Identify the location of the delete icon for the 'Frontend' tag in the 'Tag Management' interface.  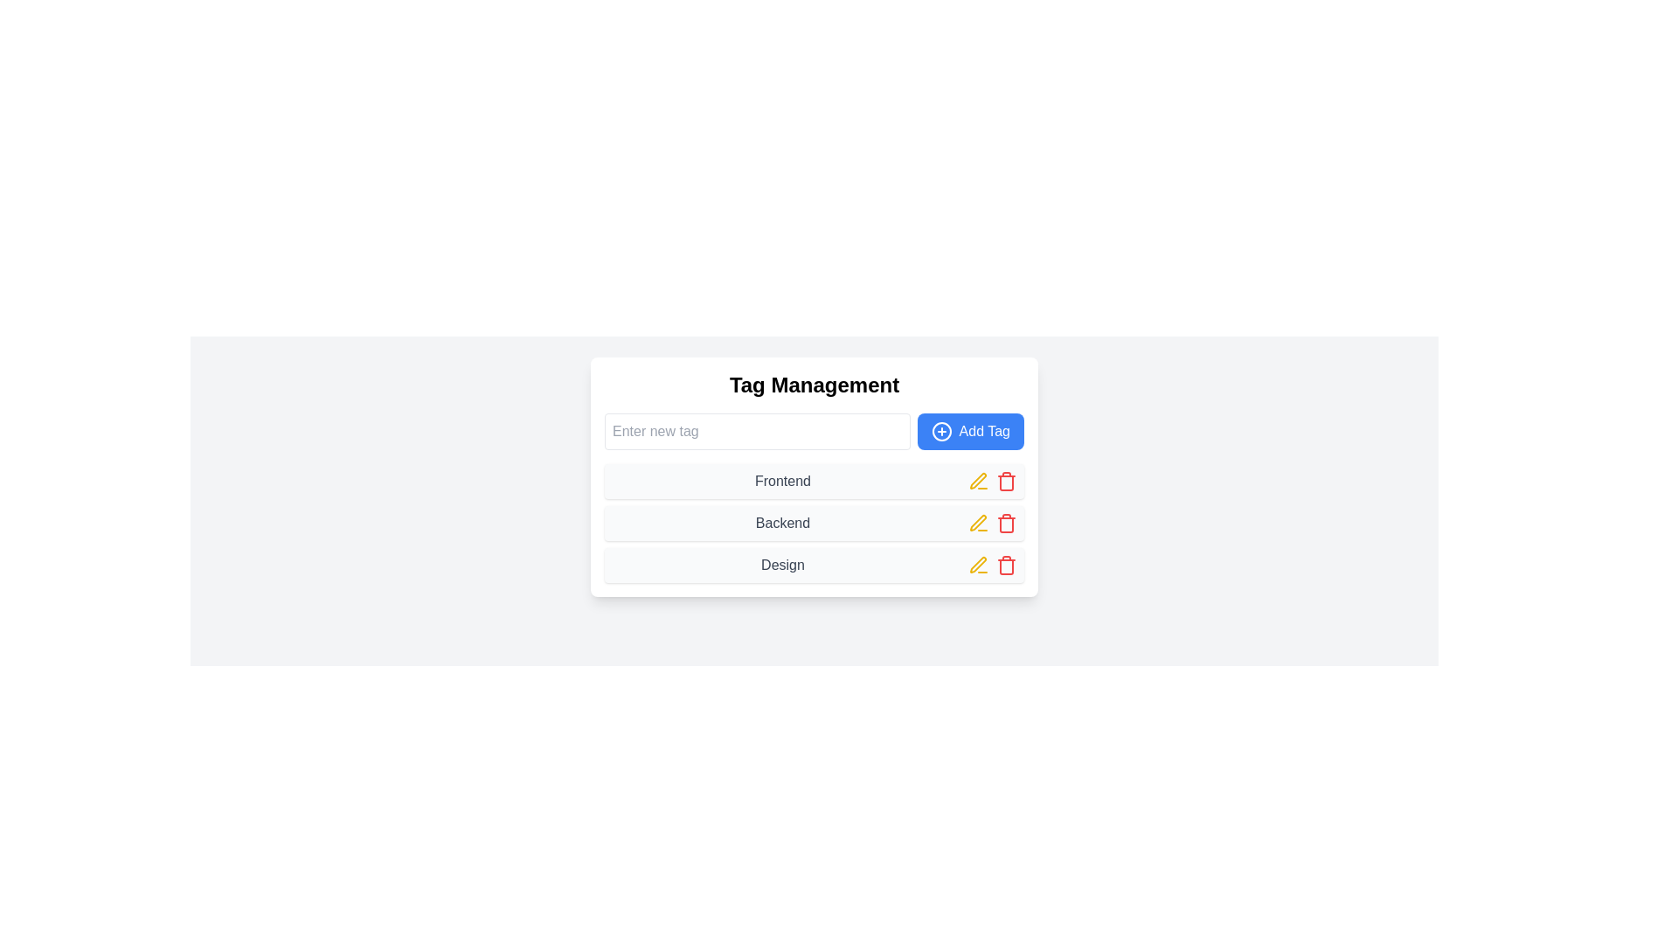
(1007, 482).